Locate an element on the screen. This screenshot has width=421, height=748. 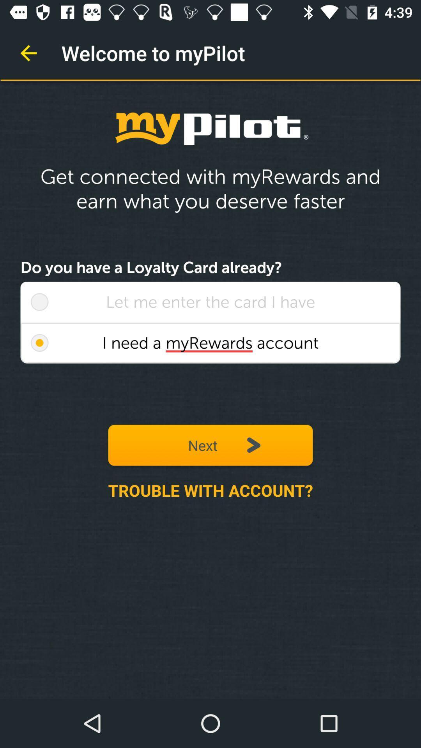
i need a is located at coordinates (210, 343).